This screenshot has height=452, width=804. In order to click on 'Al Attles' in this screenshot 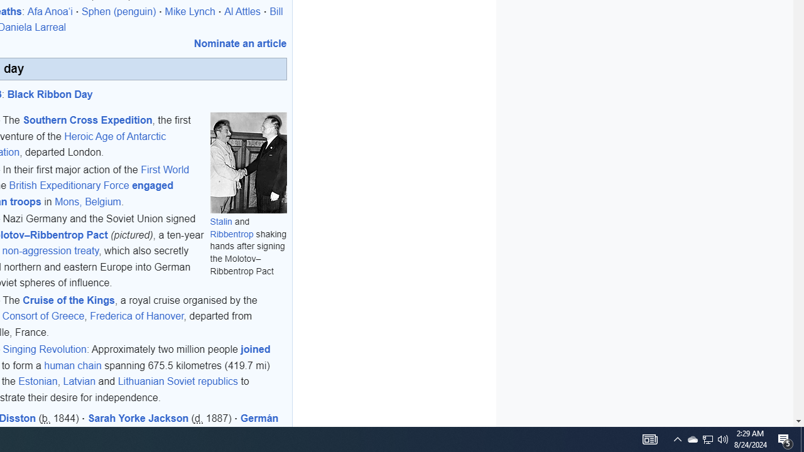, I will do `click(242, 11)`.